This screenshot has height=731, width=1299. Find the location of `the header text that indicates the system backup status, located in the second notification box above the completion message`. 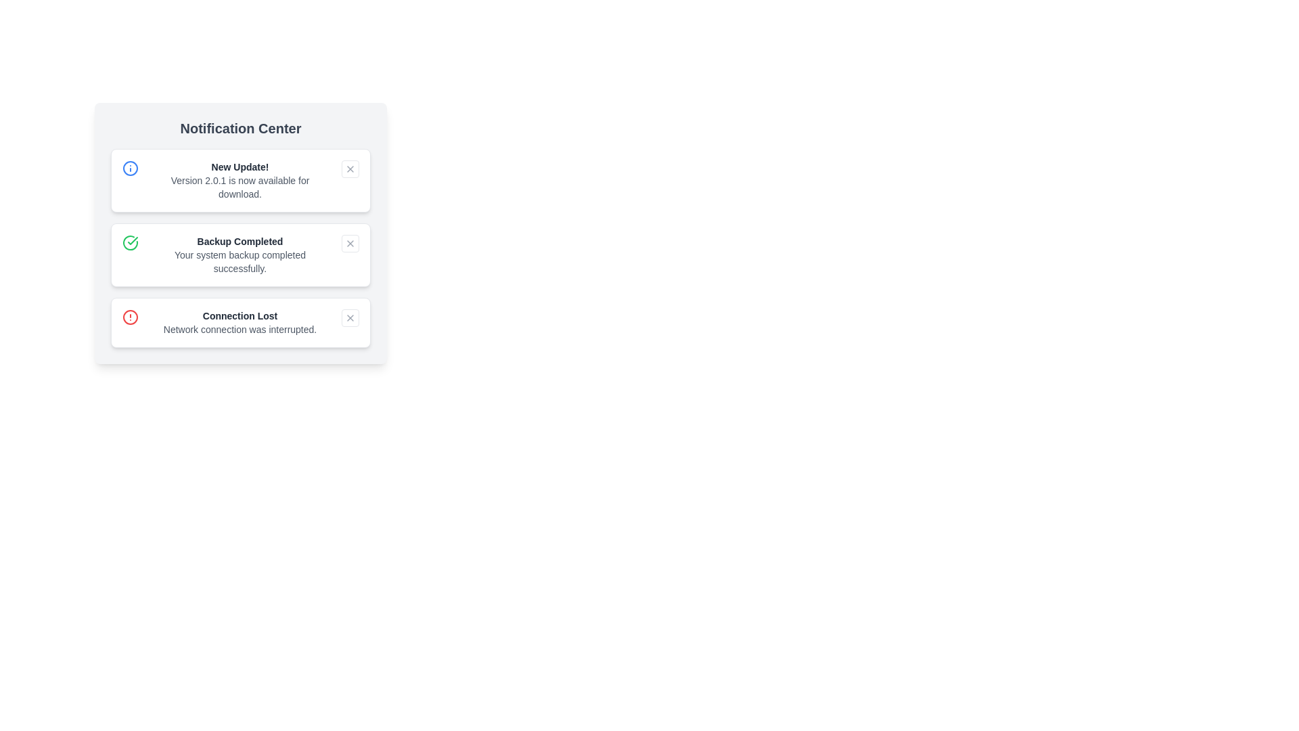

the header text that indicates the system backup status, located in the second notification box above the completion message is located at coordinates (240, 241).